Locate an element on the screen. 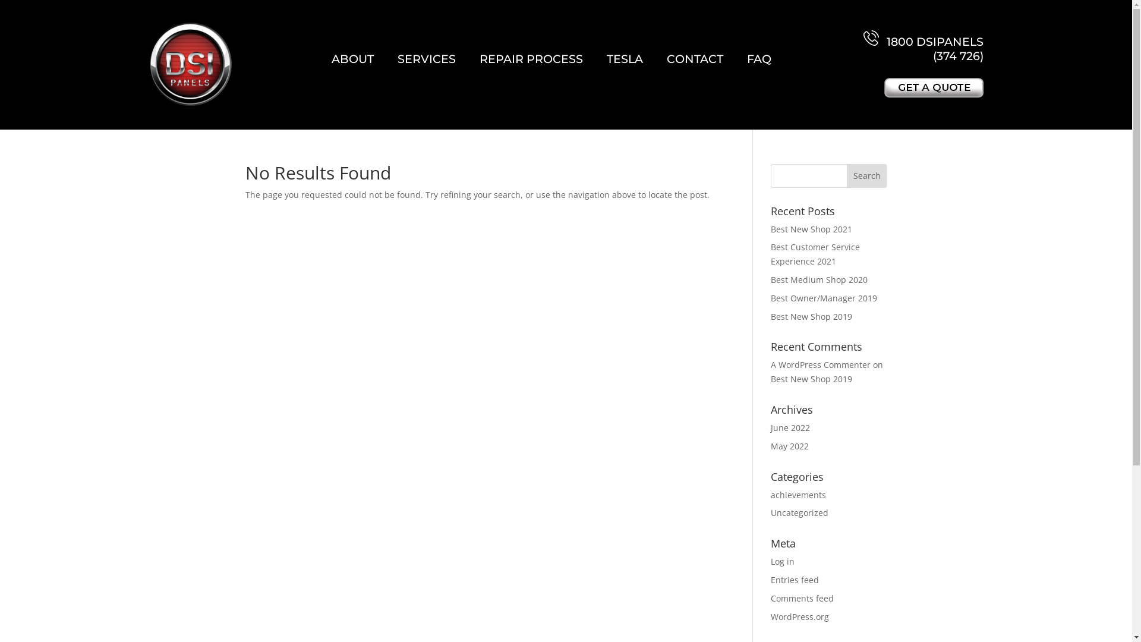  'May 2022' is located at coordinates (790, 446).